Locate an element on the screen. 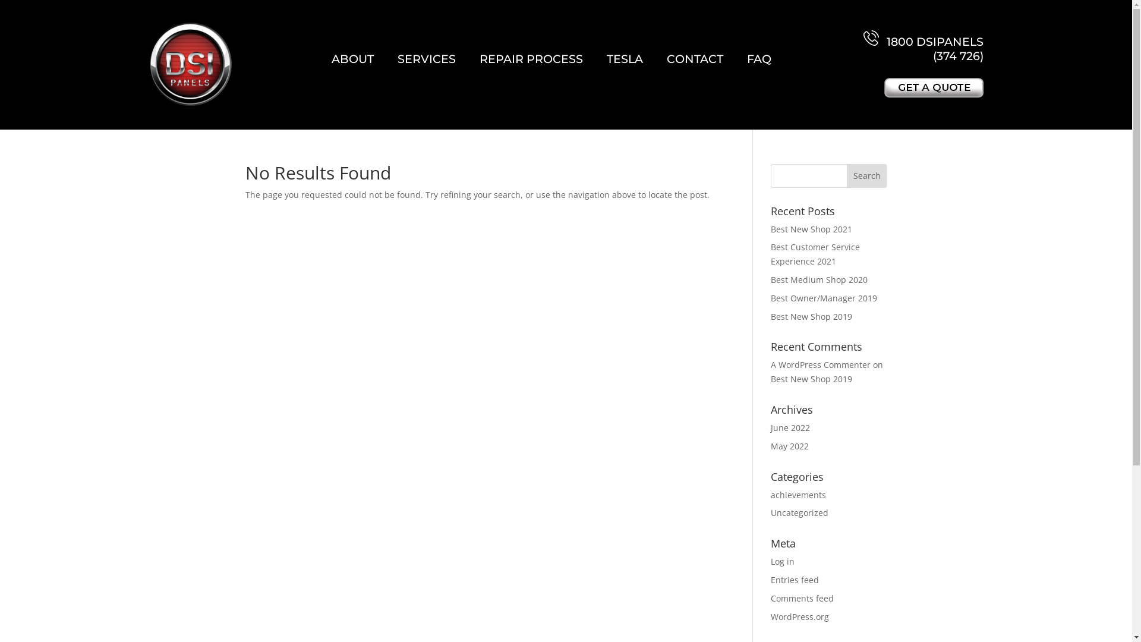  'May 2022' is located at coordinates (790, 446).